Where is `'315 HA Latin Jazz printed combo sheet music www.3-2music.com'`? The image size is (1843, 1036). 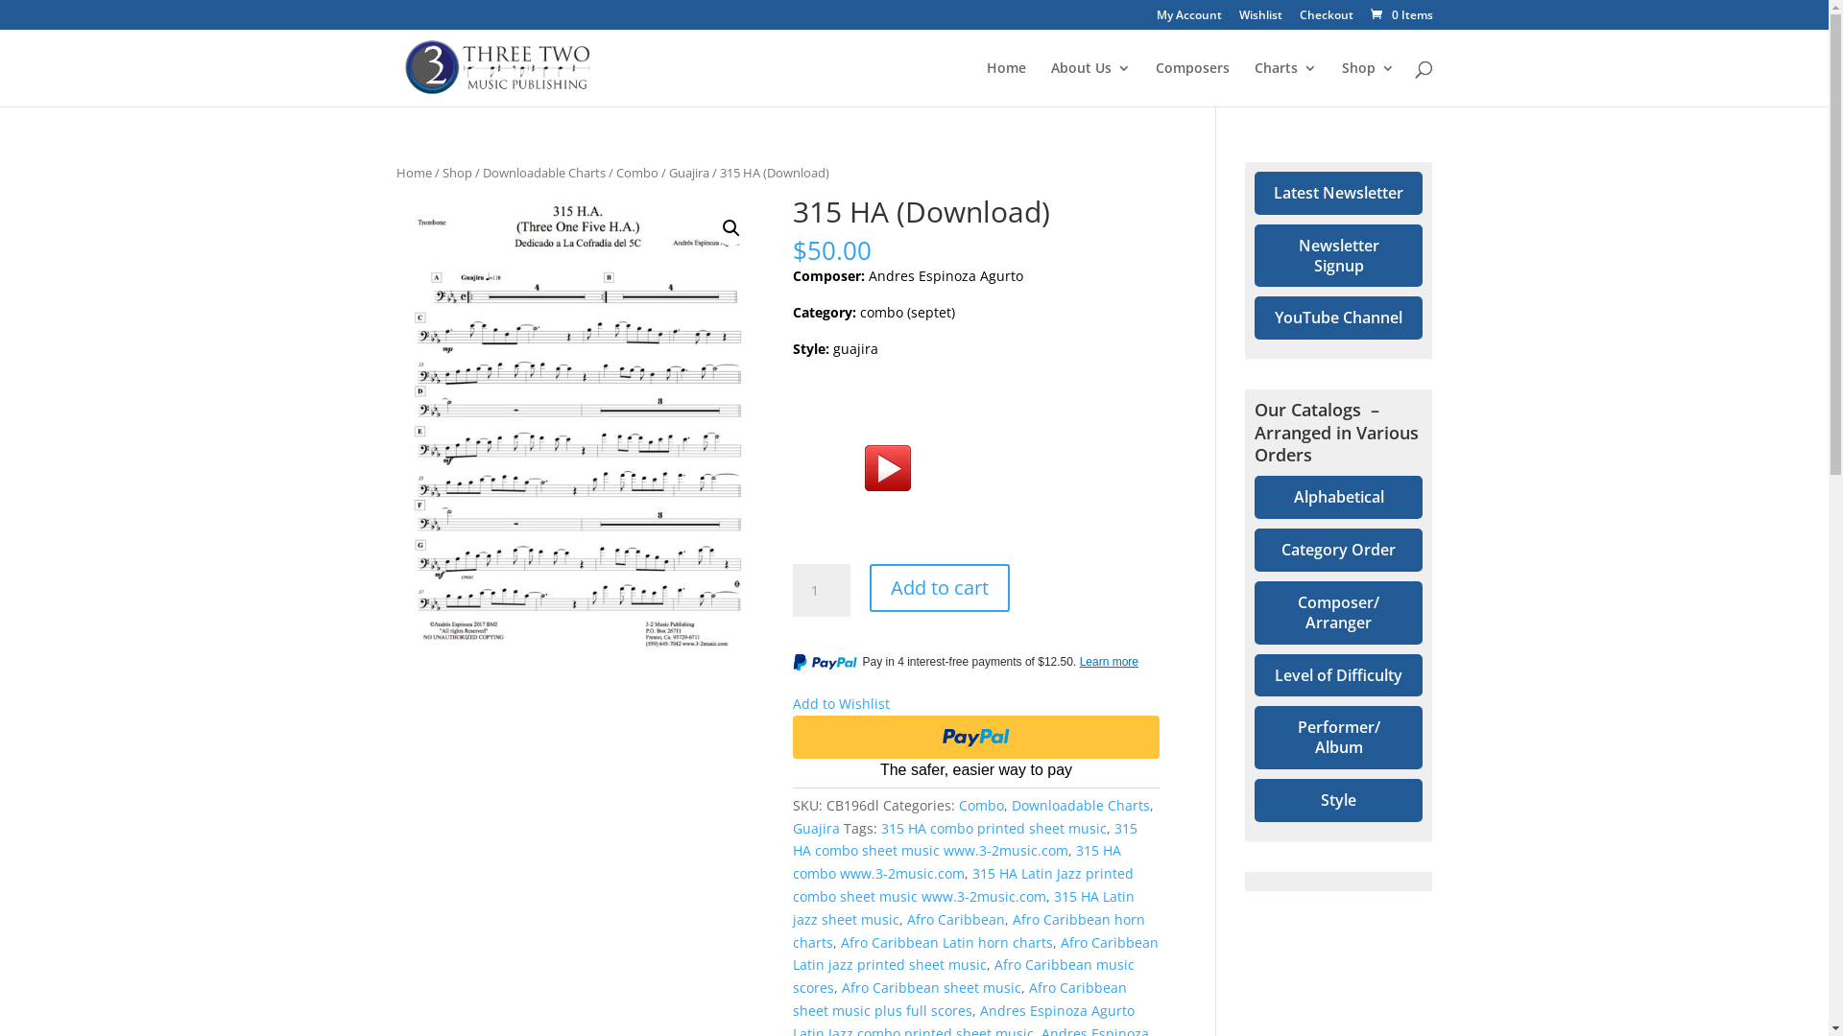 '315 HA Latin Jazz printed combo sheet music www.3-2music.com' is located at coordinates (963, 884).